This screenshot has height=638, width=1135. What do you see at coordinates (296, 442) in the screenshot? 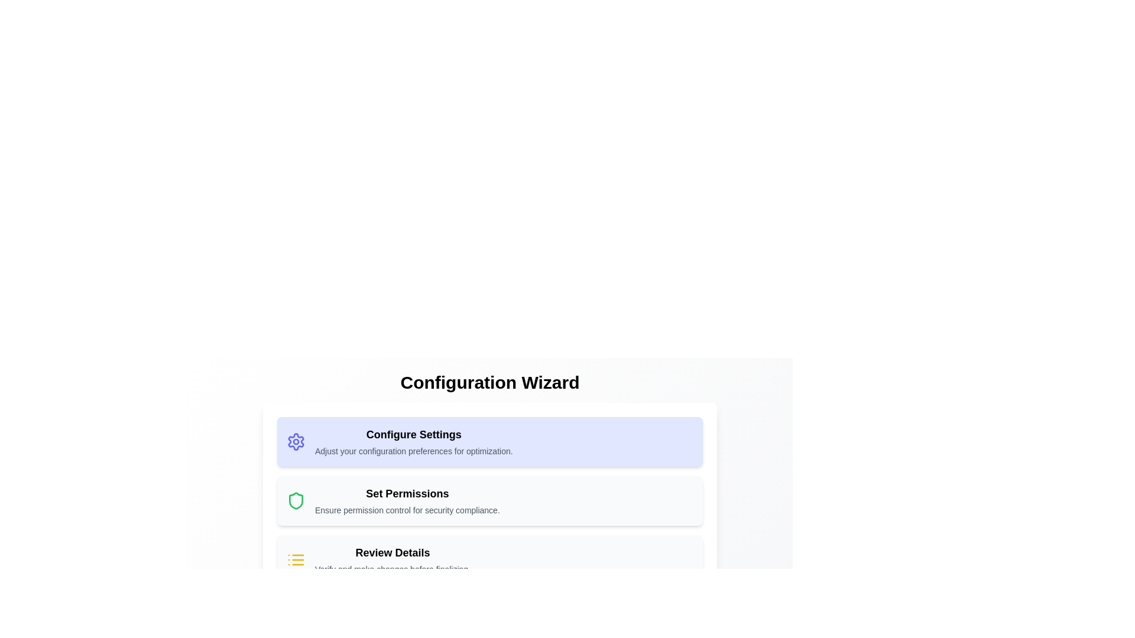
I see `the circular gear icon with a center dot in indigo color, located inside the 'Configure Settings' card in the 'Configuration Wizard' interface` at bounding box center [296, 442].